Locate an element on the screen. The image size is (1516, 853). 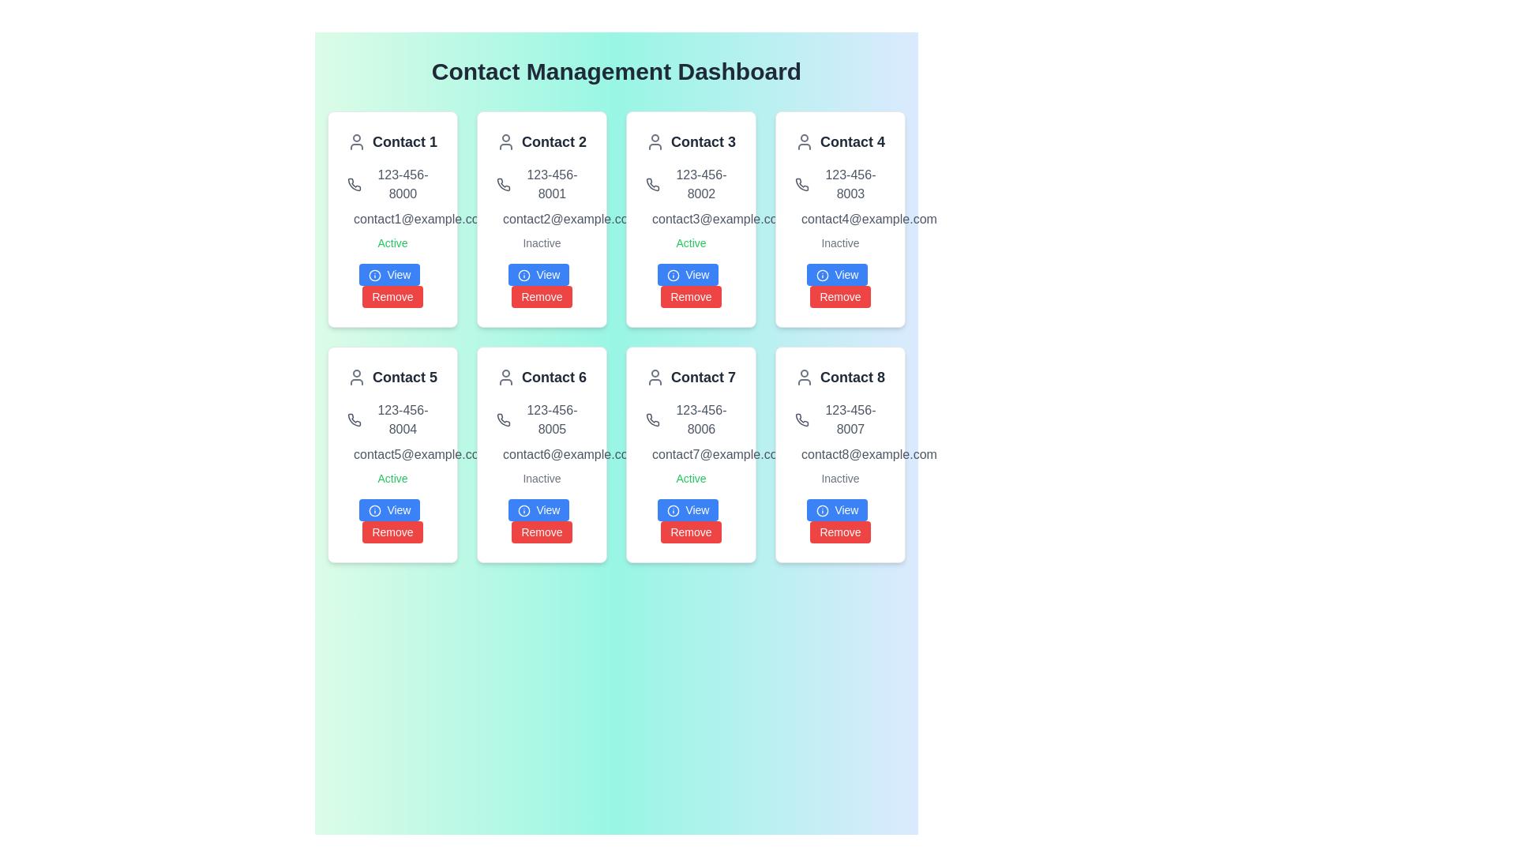
the blue 'View' button with white text and an 'i' icon is located at coordinates (836, 509).